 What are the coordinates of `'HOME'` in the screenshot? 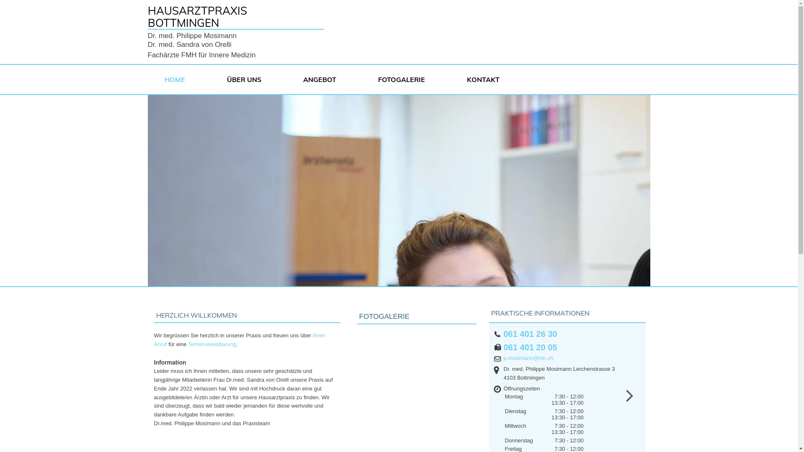 It's located at (178, 79).